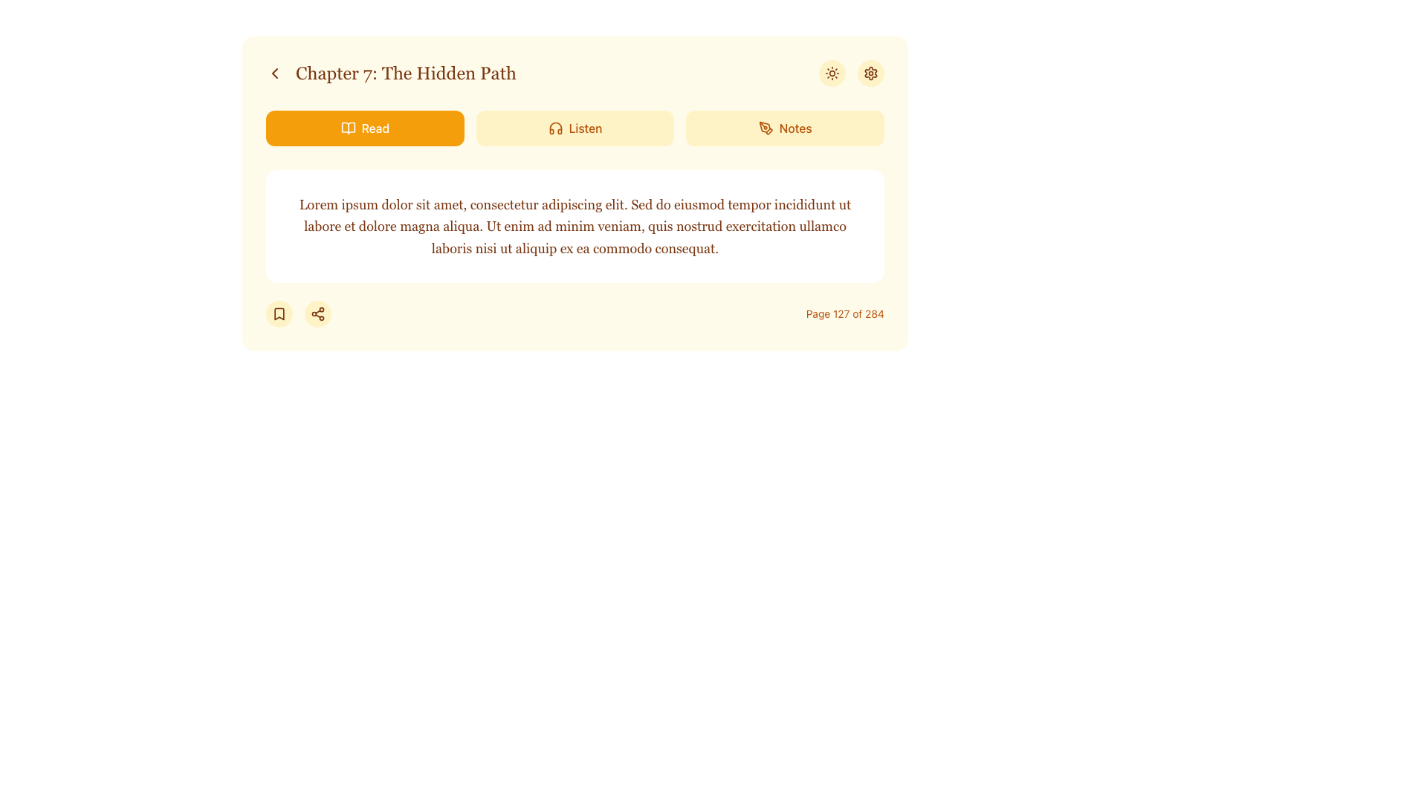 The width and height of the screenshot is (1427, 802). I want to click on the 'Read' text element located centrally within an amber button at the top left of a horizontal row, styled in medium-weight font, so click(375, 128).